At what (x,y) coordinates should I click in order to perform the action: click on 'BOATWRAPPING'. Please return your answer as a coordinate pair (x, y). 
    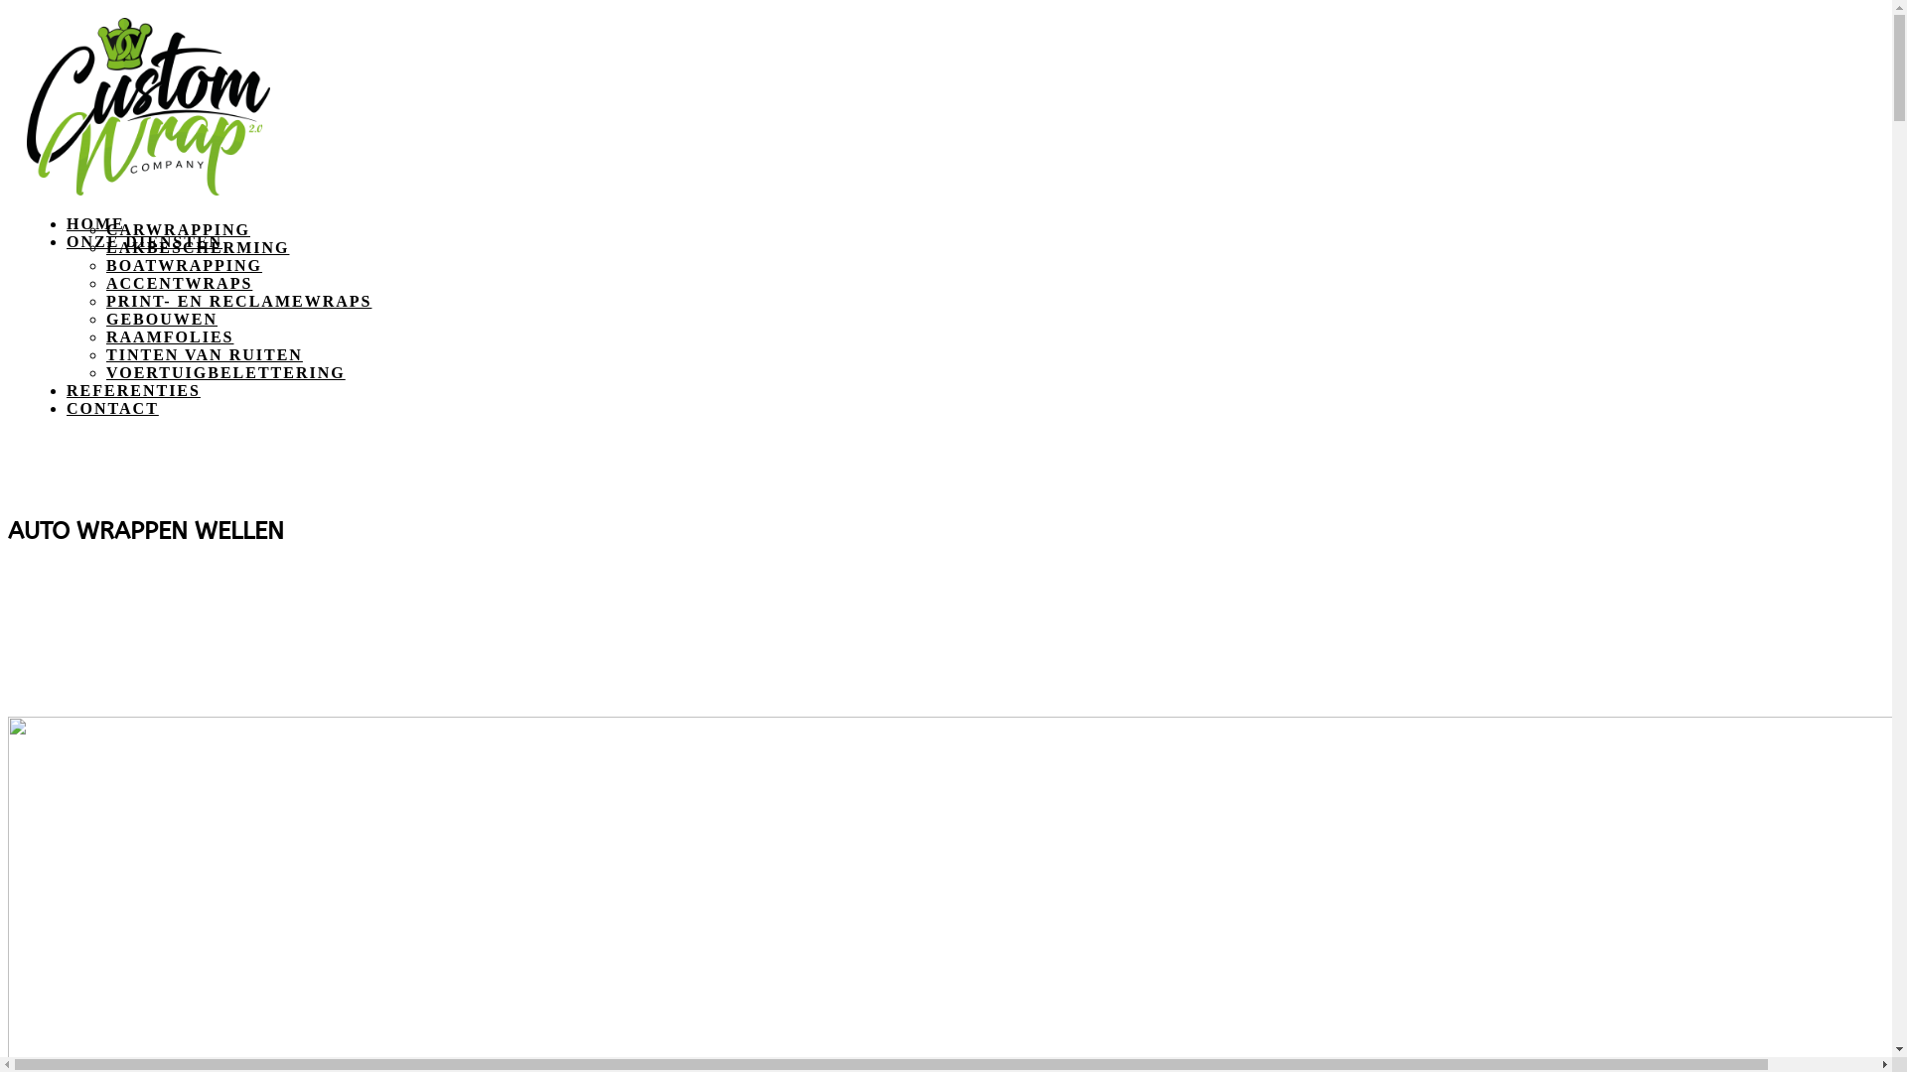
    Looking at the image, I should click on (184, 264).